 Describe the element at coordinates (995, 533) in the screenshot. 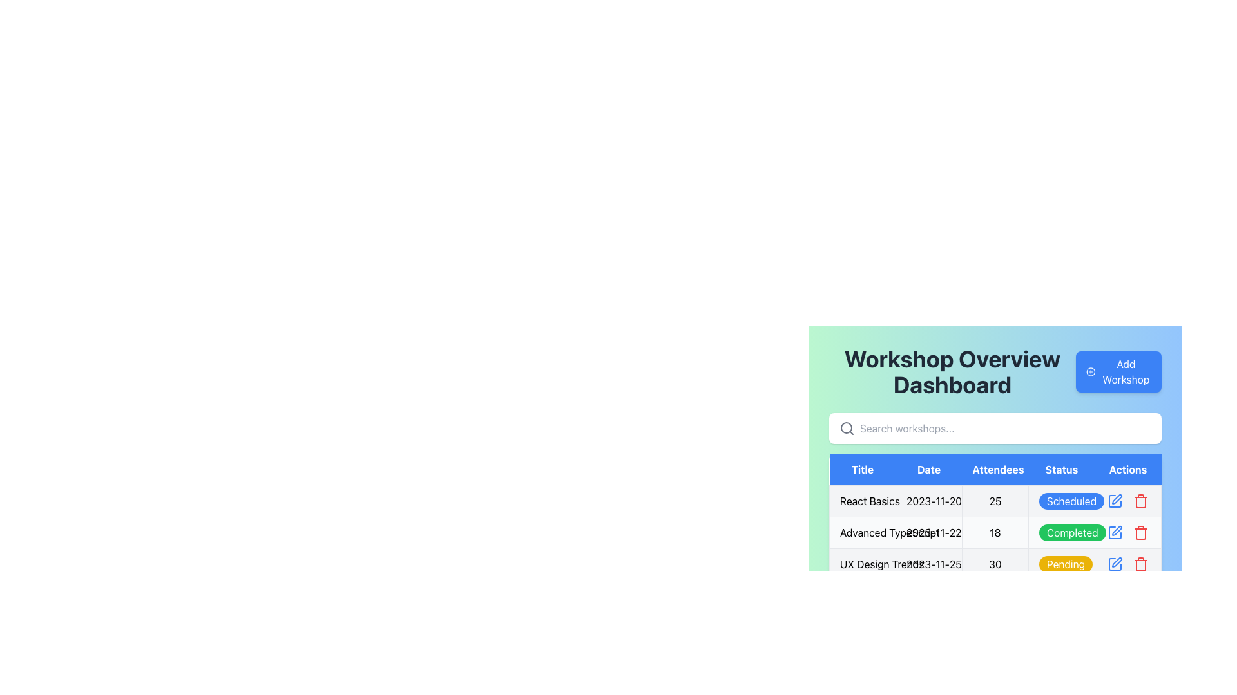

I see `numeric data in the table cell under the 'Attendees' column for the workshop 'Advanced TypeScript', which contains the number '18'` at that location.